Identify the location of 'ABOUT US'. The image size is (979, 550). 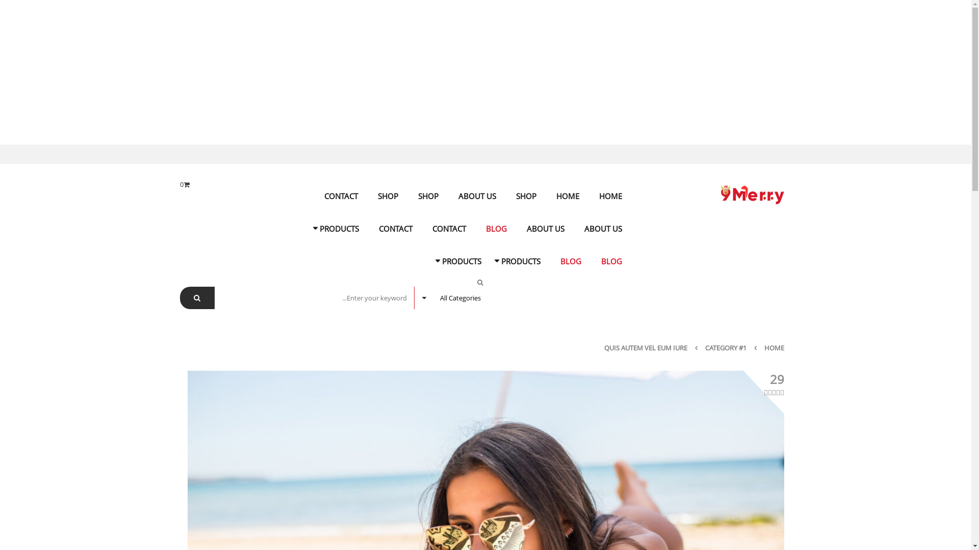
(603, 228).